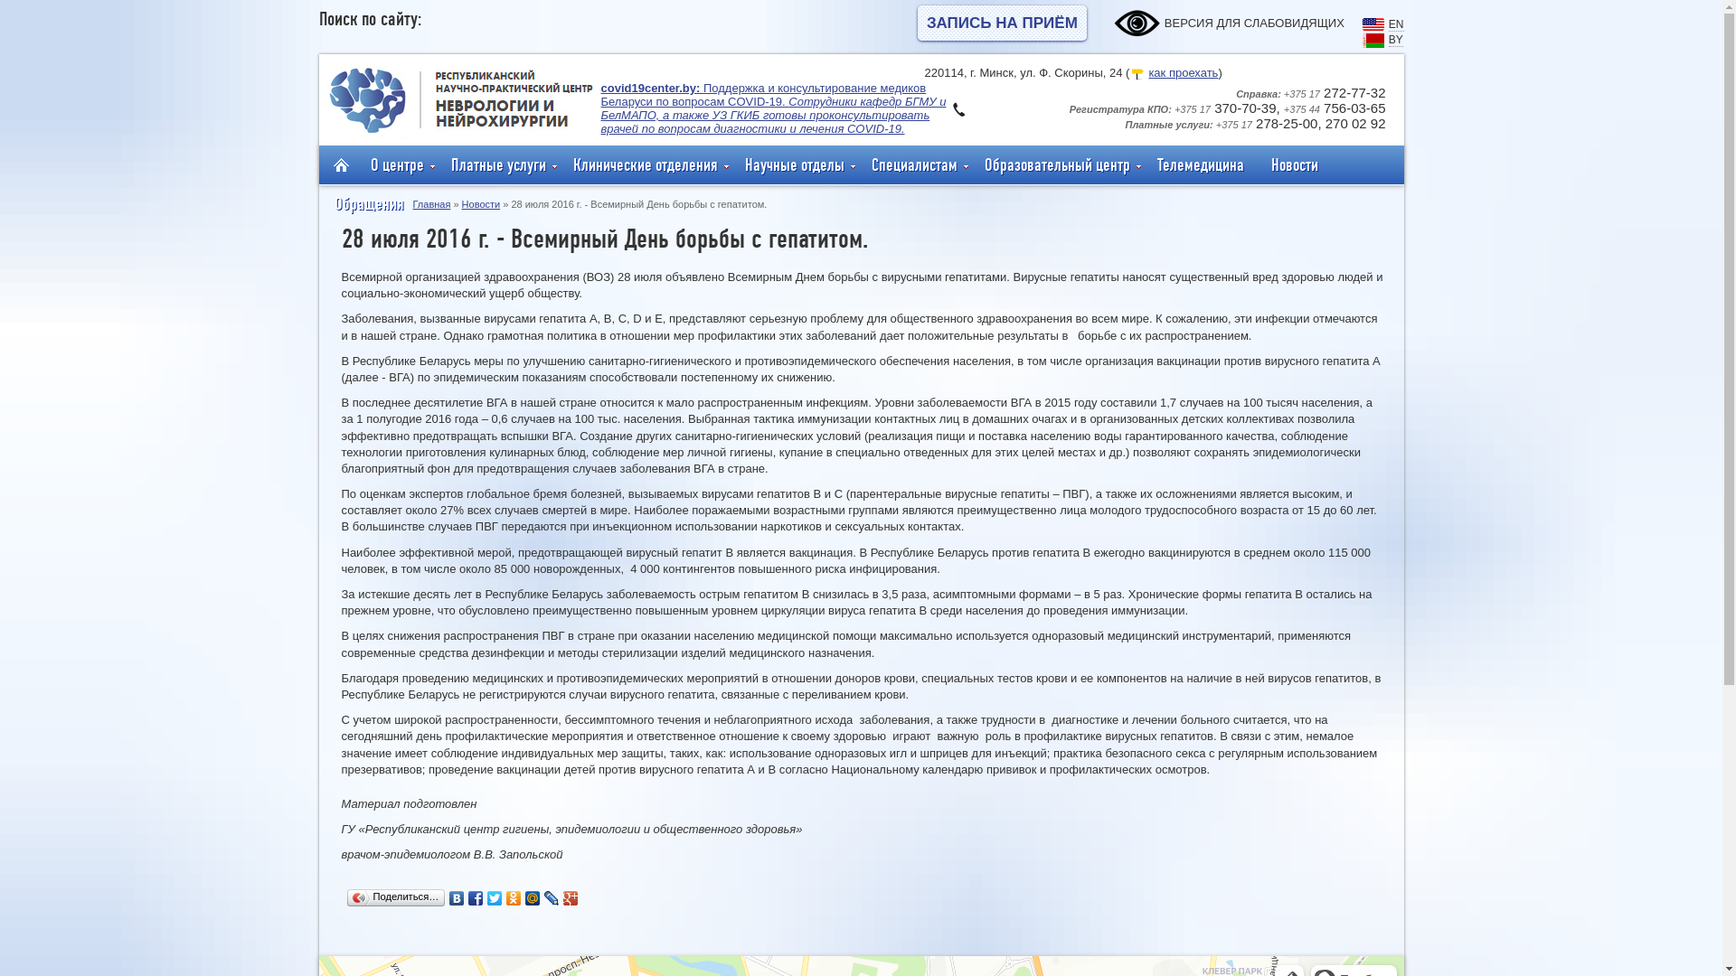  Describe the element at coordinates (1395, 23) in the screenshot. I see `'EN'` at that location.